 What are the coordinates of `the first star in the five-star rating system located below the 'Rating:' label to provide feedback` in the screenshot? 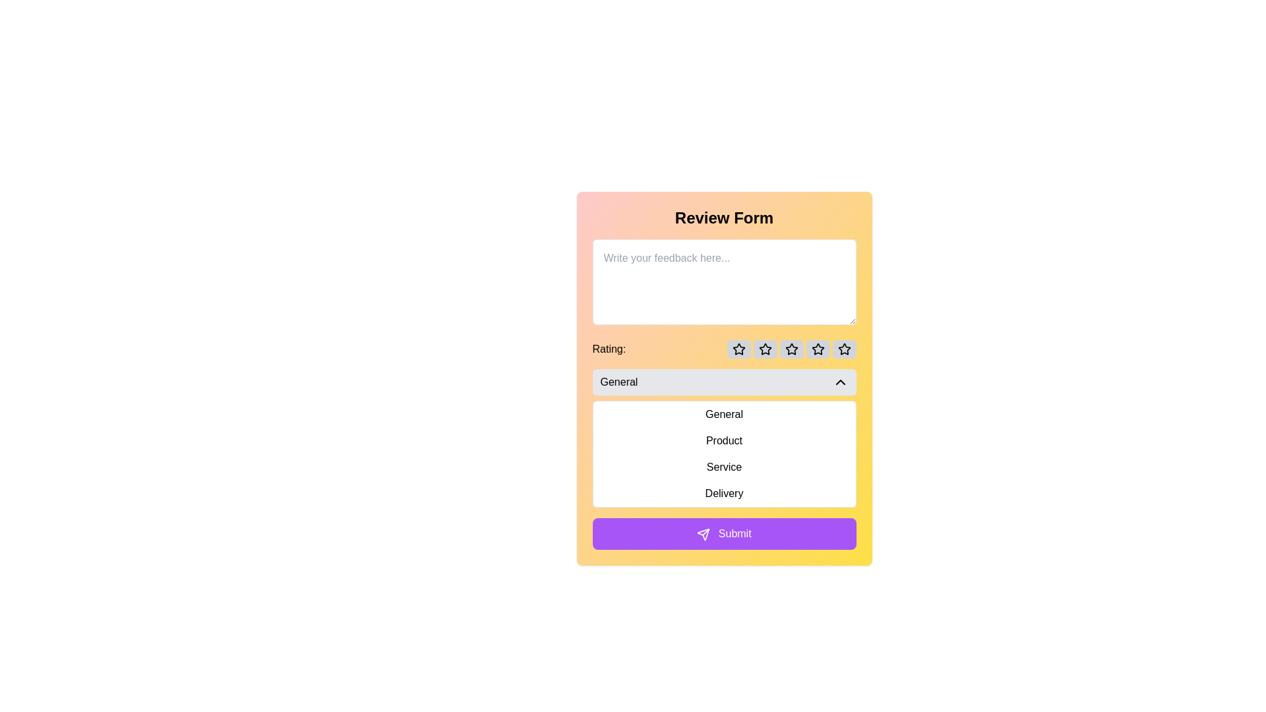 It's located at (737, 347).